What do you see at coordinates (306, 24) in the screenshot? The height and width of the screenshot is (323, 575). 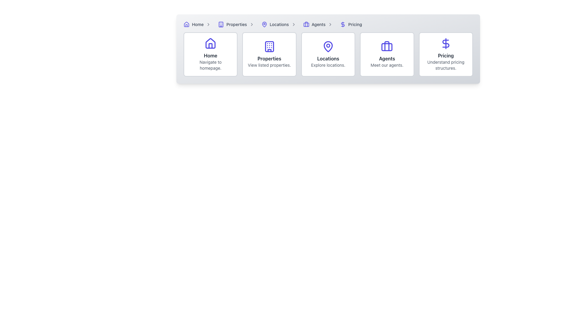 I see `the briefcase icon in the 'Agents' section of the navigation bar, which is positioned to the left of the text 'Agents'` at bounding box center [306, 24].